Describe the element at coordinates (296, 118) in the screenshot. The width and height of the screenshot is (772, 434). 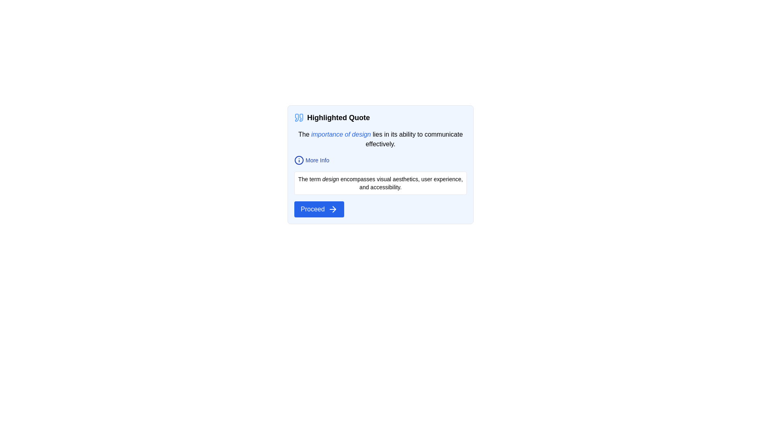
I see `the left quotation mark SVG element located in the title section of the card that highlights a quote` at that location.